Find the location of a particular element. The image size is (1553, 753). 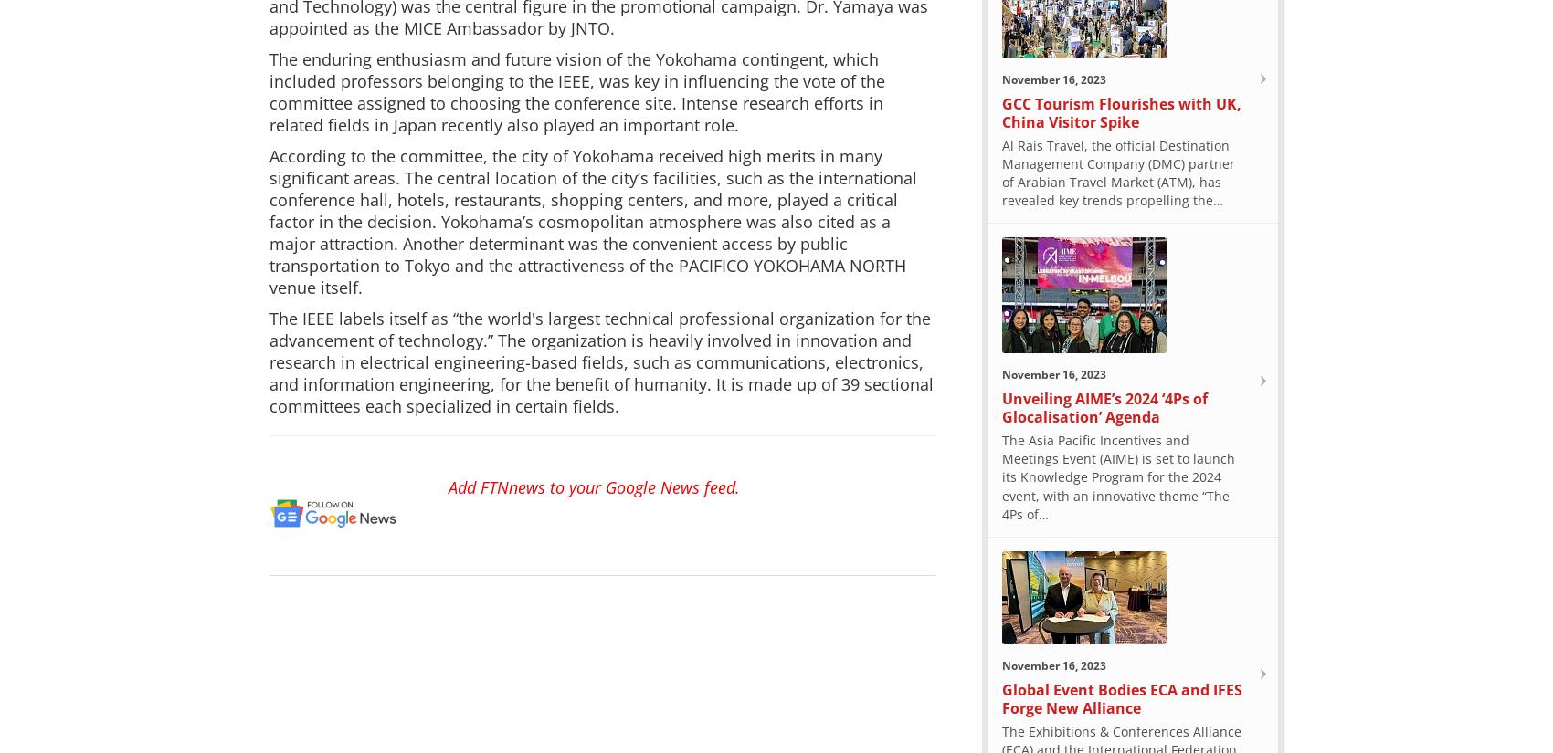

'Unveiling AIME’s 2024 ‘4Ps of Glocalisation’ Agenda' is located at coordinates (1104, 406).